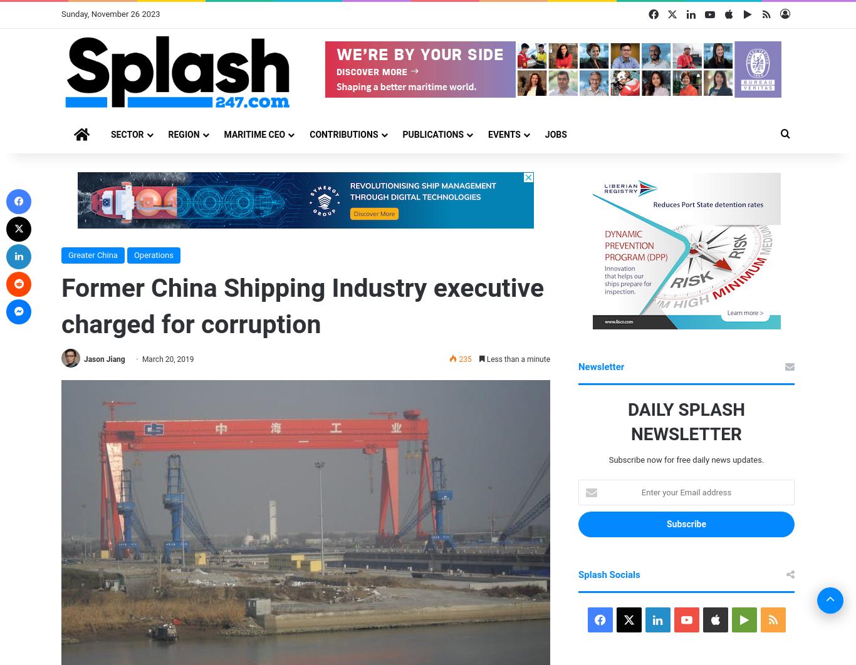 This screenshot has width=856, height=665. I want to click on 'Jason Jiang', so click(83, 359).